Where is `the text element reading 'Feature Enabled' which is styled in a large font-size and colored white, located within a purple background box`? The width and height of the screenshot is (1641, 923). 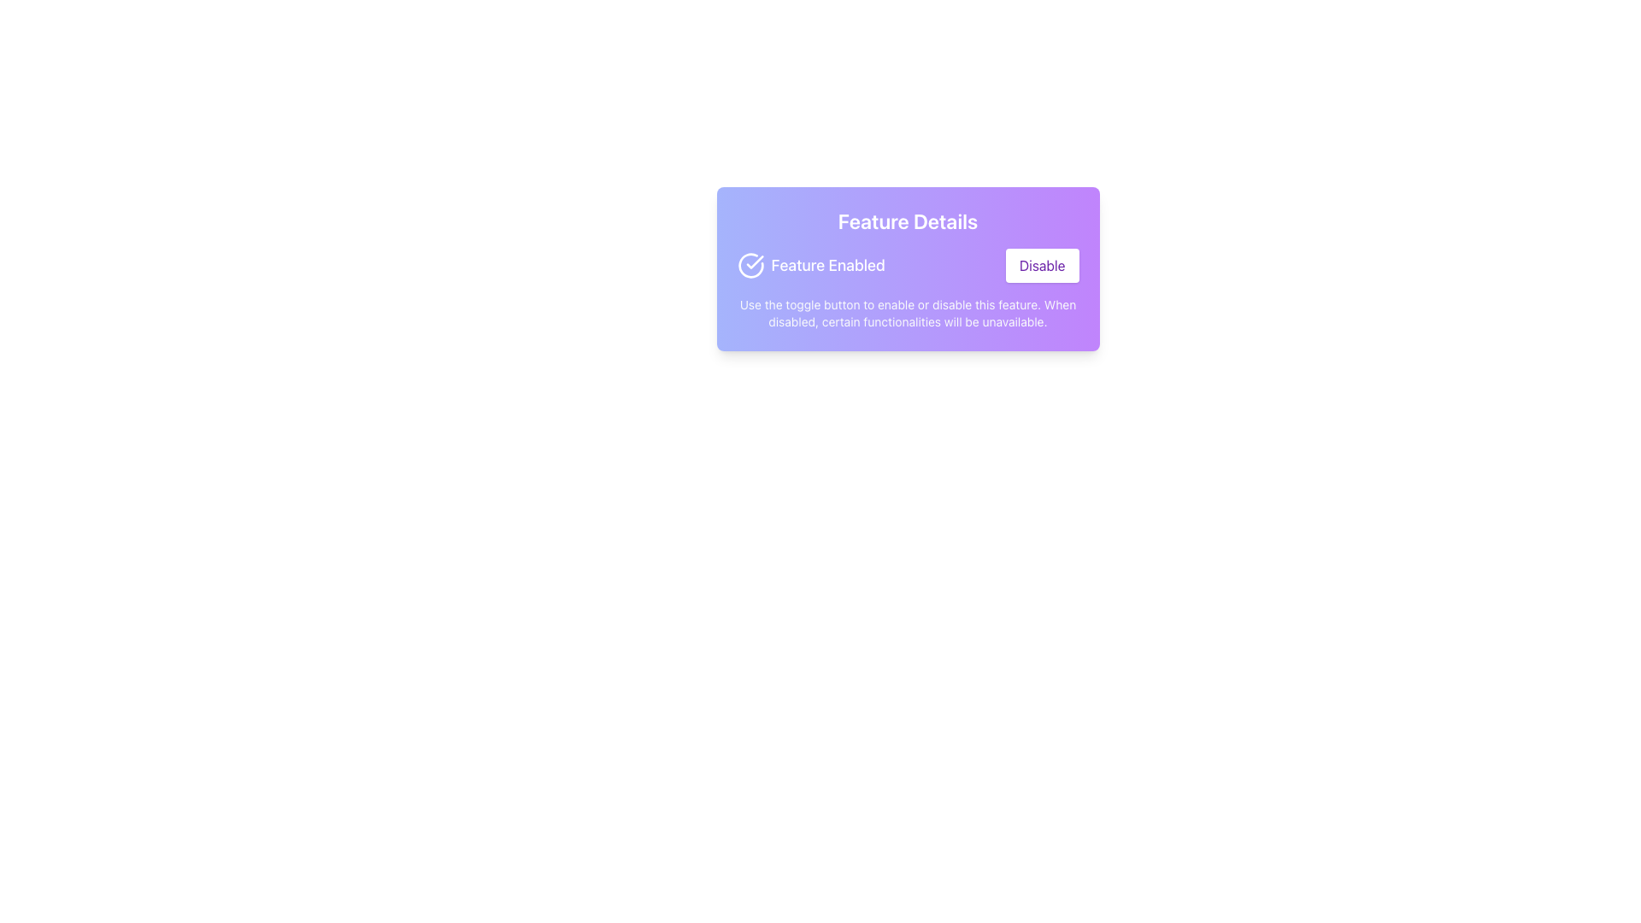 the text element reading 'Feature Enabled' which is styled in a large font-size and colored white, located within a purple background box is located at coordinates (828, 266).